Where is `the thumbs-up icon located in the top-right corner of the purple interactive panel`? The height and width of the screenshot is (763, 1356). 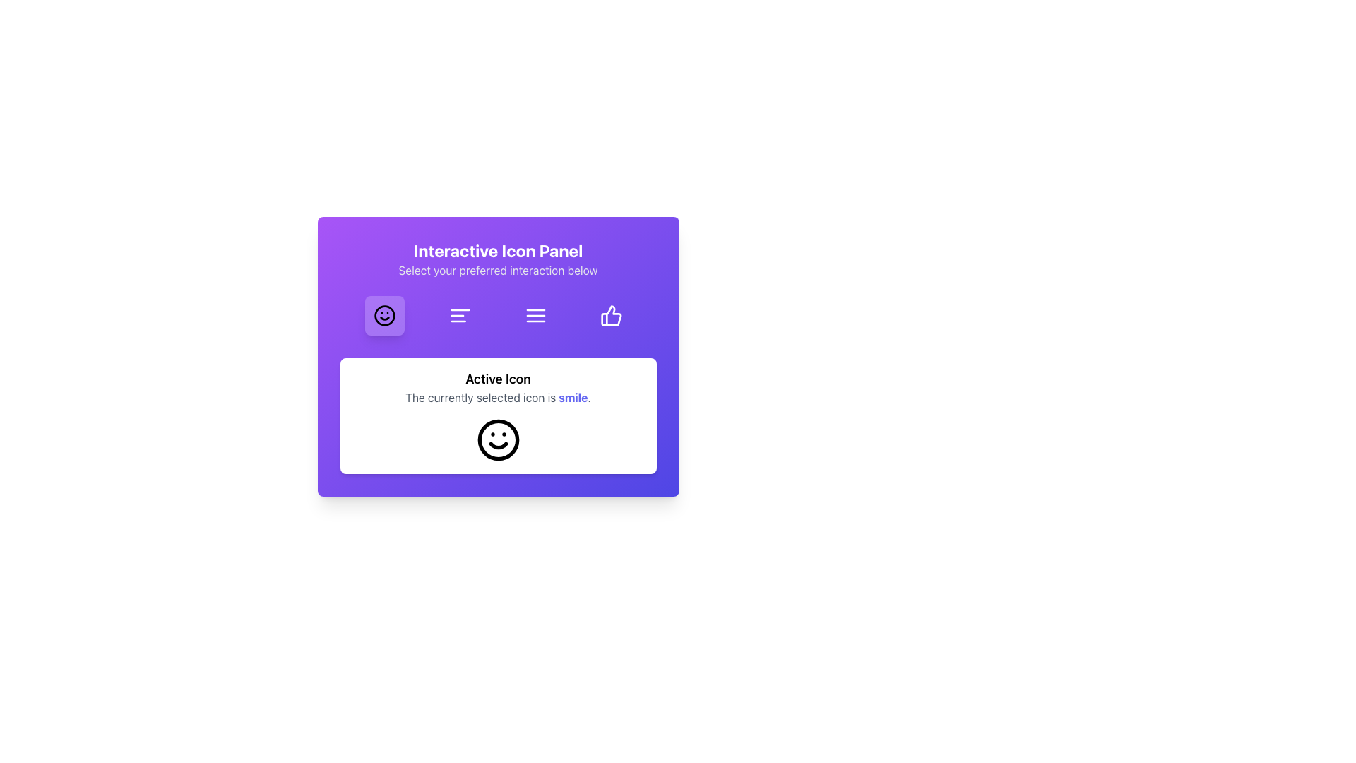
the thumbs-up icon located in the top-right corner of the purple interactive panel is located at coordinates (611, 315).